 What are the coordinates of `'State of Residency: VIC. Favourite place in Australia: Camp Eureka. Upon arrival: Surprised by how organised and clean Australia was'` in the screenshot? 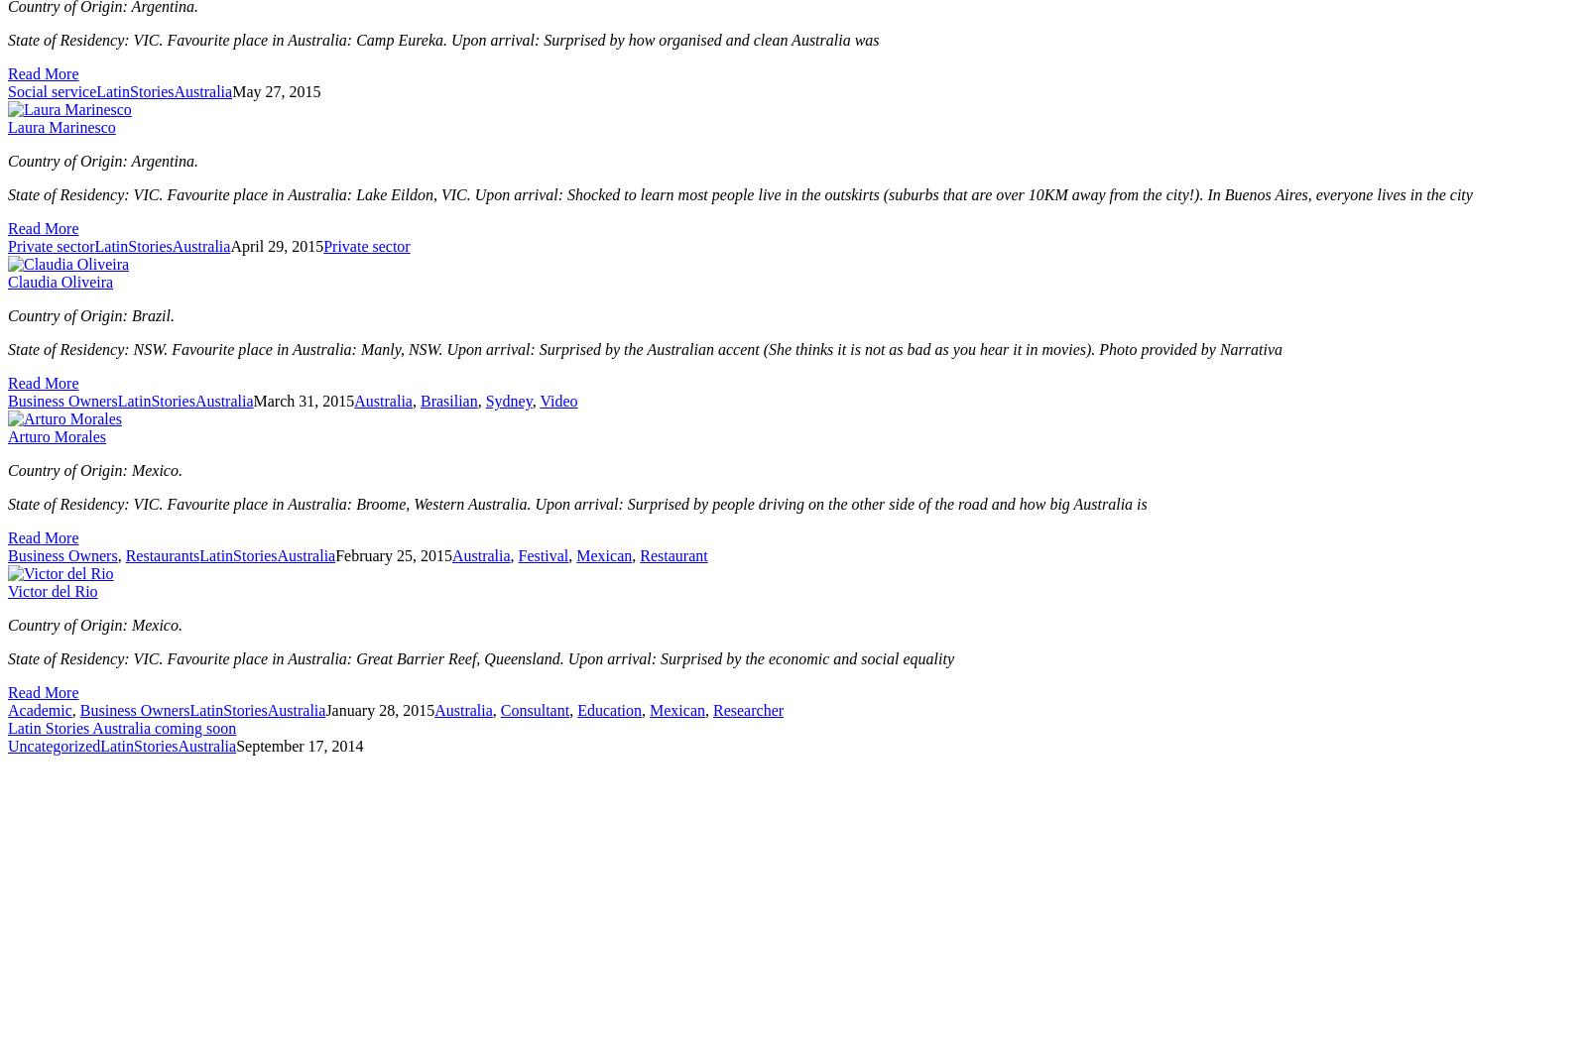 It's located at (442, 39).